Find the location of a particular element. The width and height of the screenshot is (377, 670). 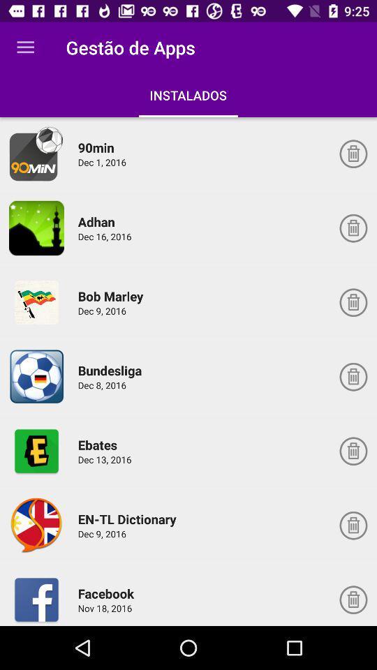

app is located at coordinates (36, 525).